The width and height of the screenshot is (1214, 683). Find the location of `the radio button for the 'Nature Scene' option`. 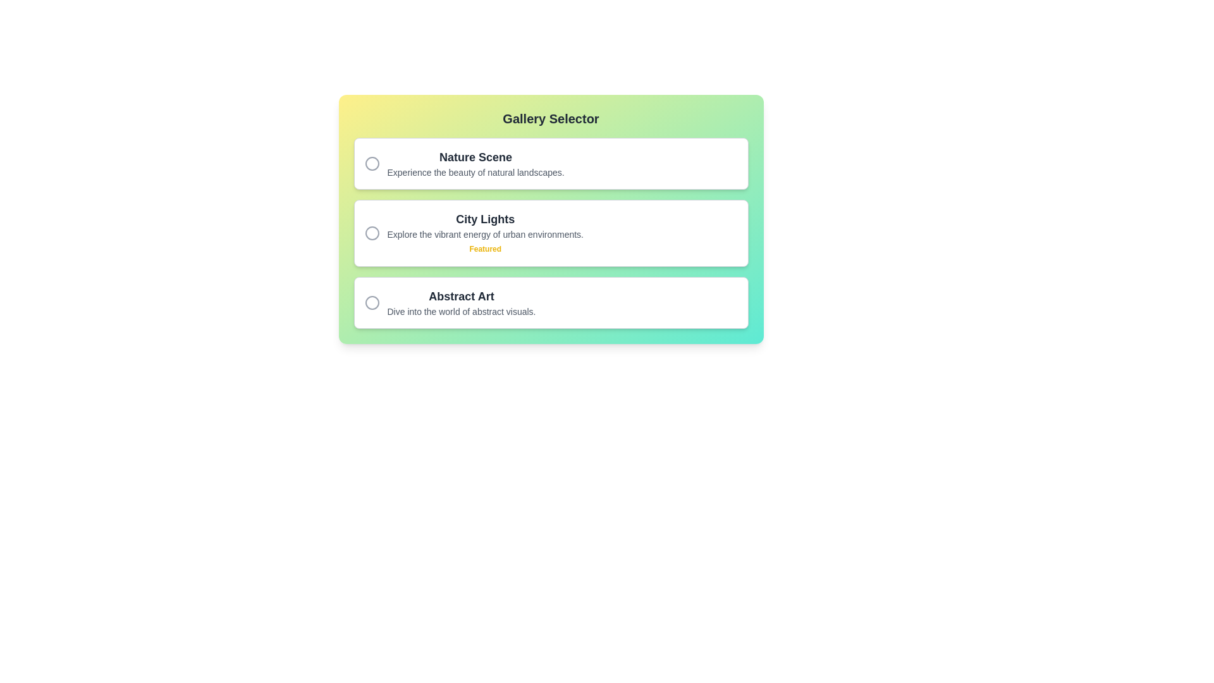

the radio button for the 'Nature Scene' option is located at coordinates (371, 163).